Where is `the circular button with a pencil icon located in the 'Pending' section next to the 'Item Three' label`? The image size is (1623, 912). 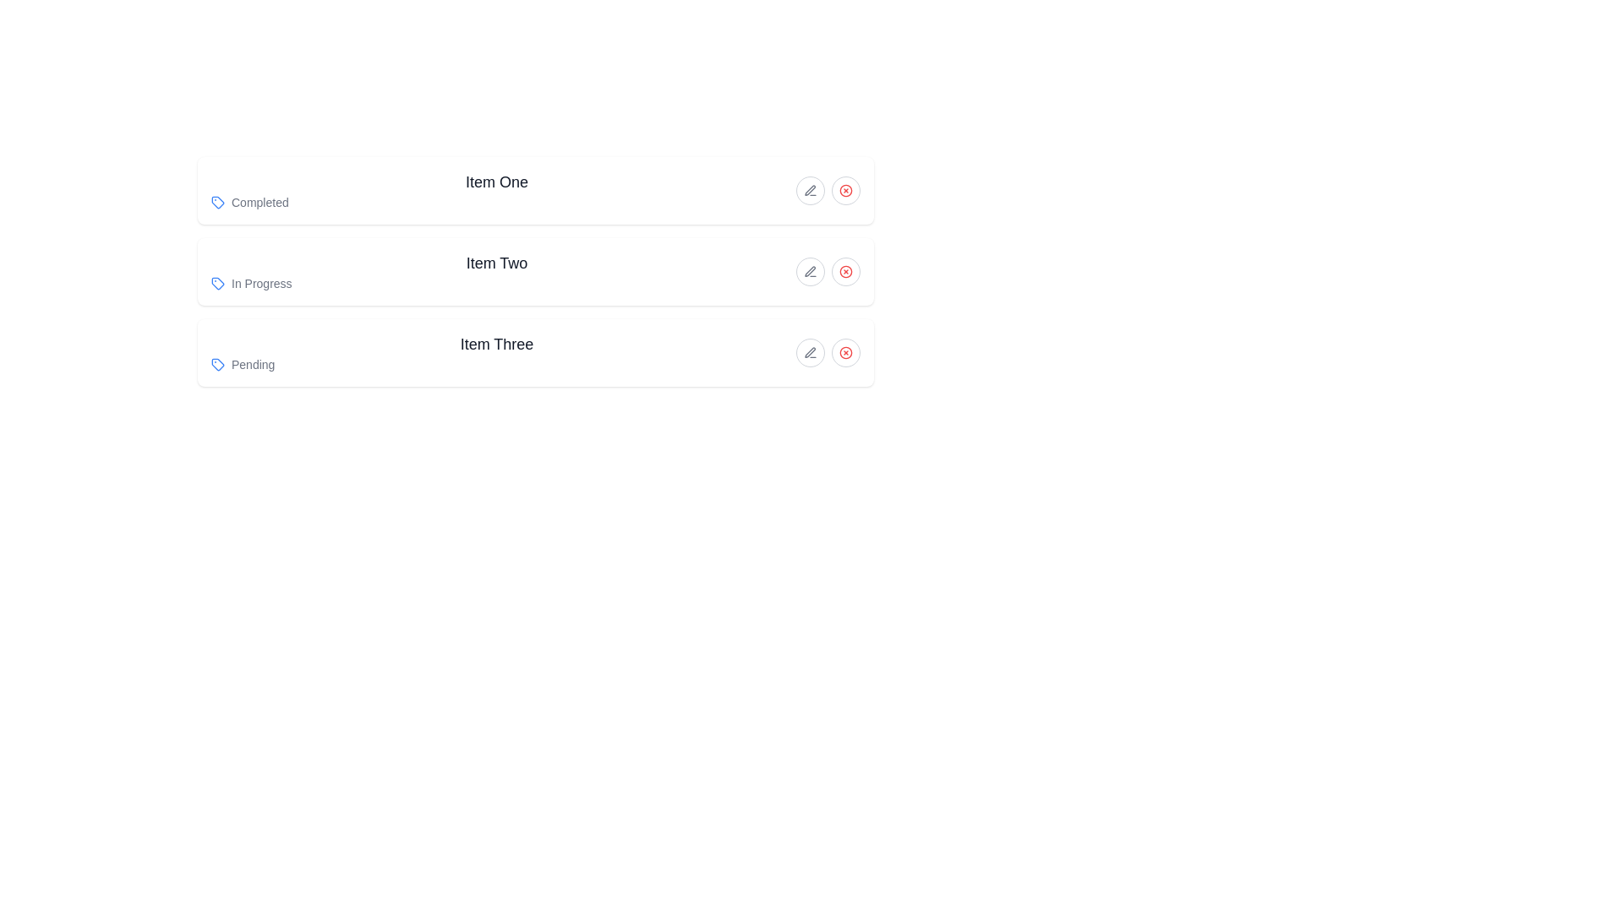
the circular button with a pencil icon located in the 'Pending' section next to the 'Item Three' label is located at coordinates (810, 351).